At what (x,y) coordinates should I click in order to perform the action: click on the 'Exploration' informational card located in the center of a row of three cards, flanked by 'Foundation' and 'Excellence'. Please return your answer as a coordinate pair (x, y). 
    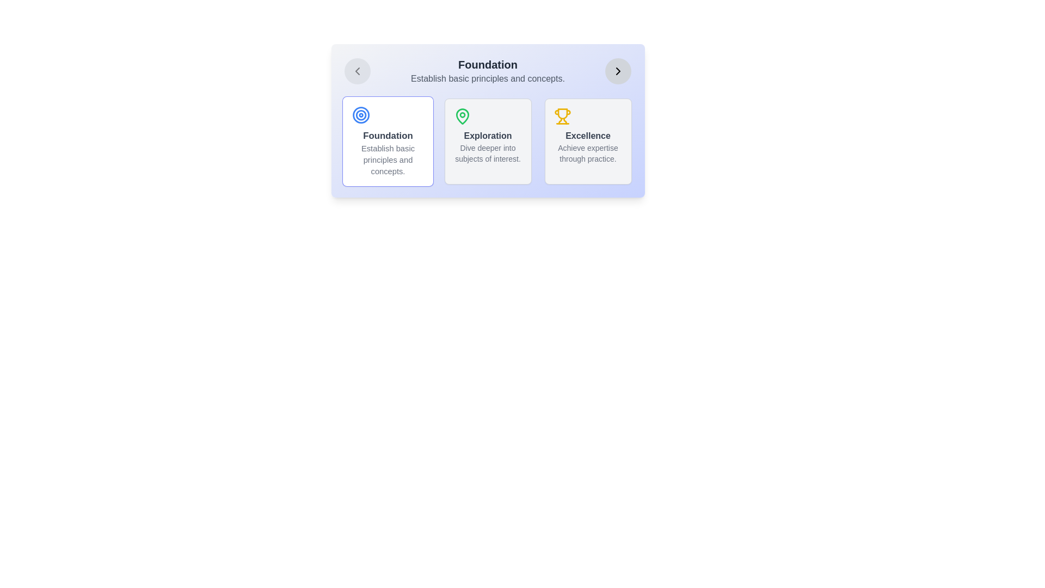
    Looking at the image, I should click on (487, 121).